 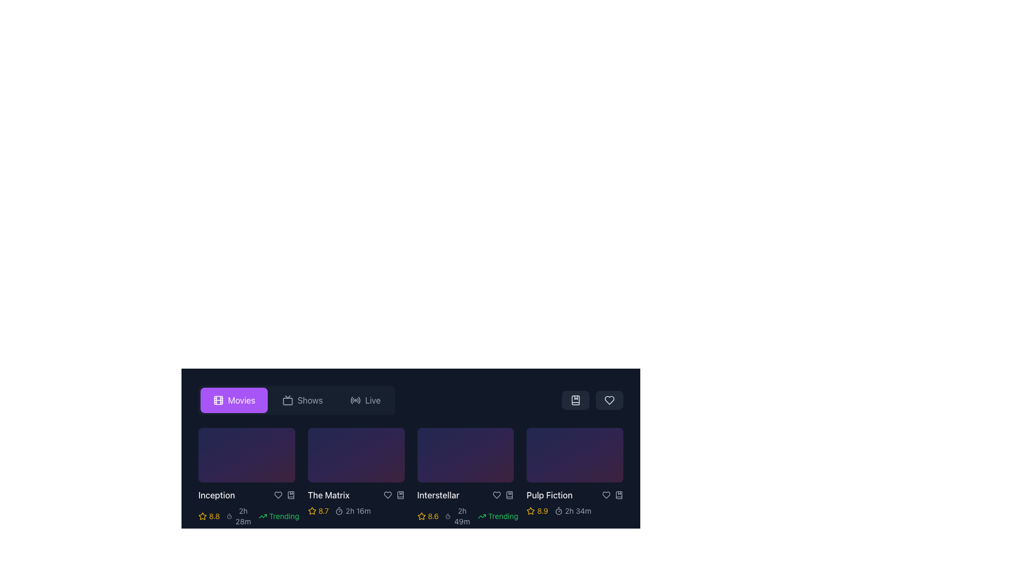 What do you see at coordinates (387, 495) in the screenshot?
I see `the heart icon located beneath the title of the movie 'The Matrix'` at bounding box center [387, 495].